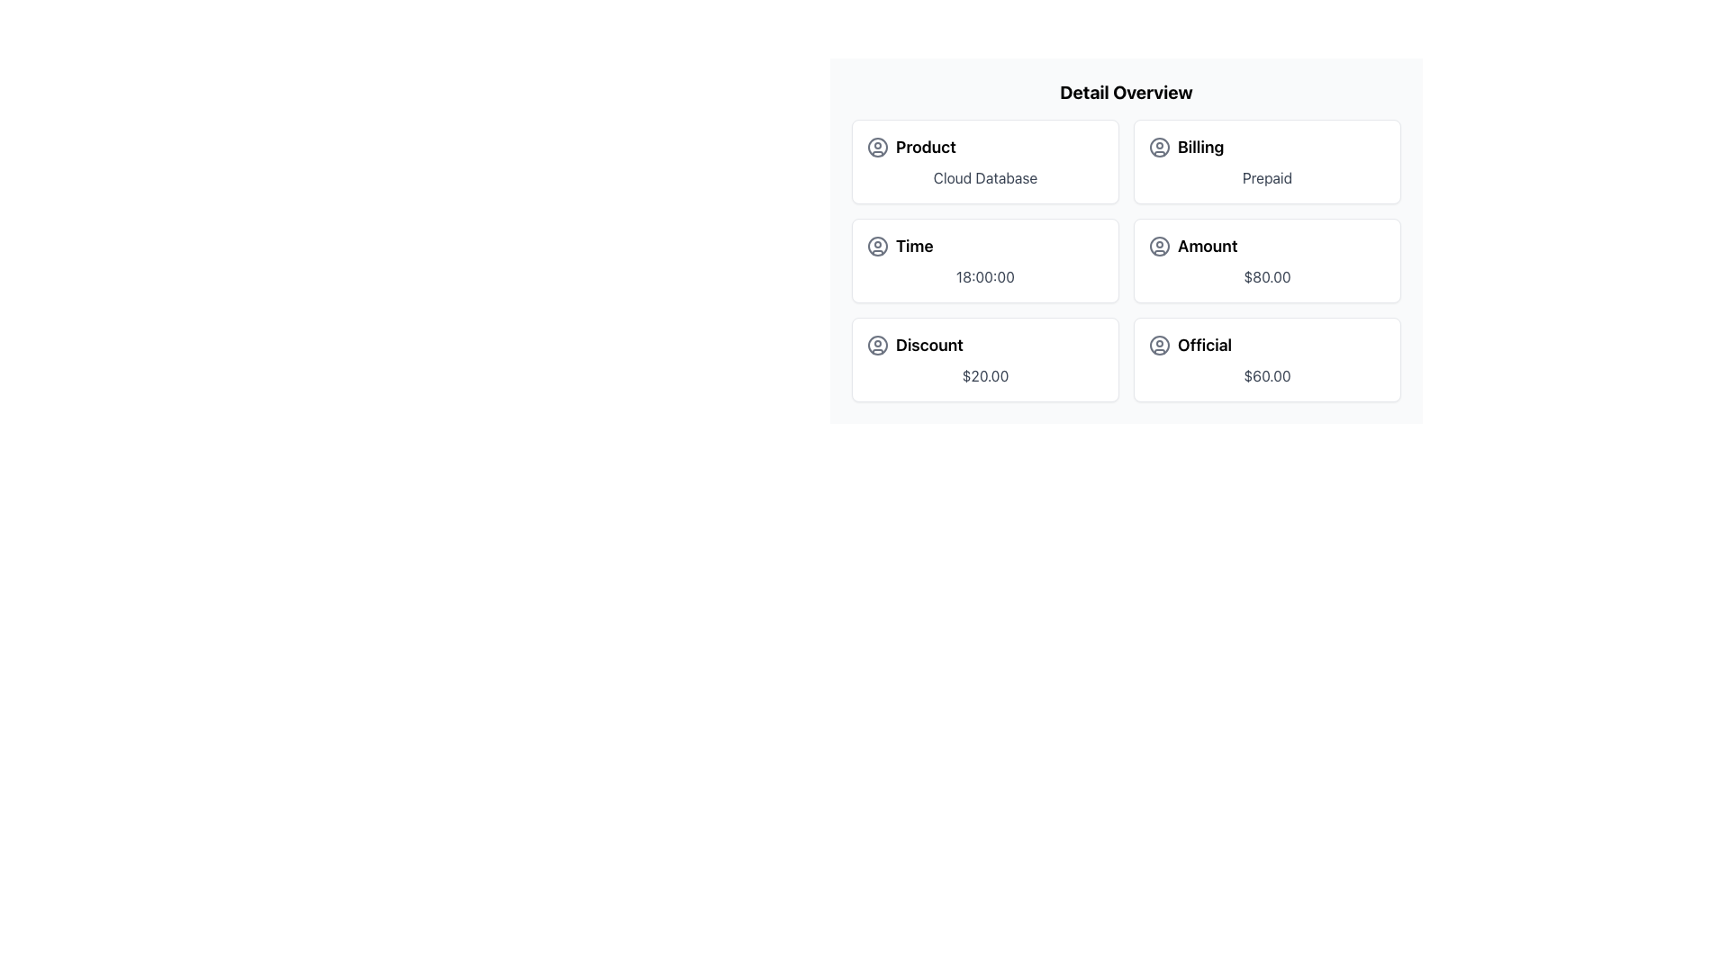 This screenshot has width=1729, height=972. Describe the element at coordinates (1200, 147) in the screenshot. I see `the 'Billing' text label, which is styled in bold and located in the top-right section of the grid, adjacent to a user avatar icon` at that location.